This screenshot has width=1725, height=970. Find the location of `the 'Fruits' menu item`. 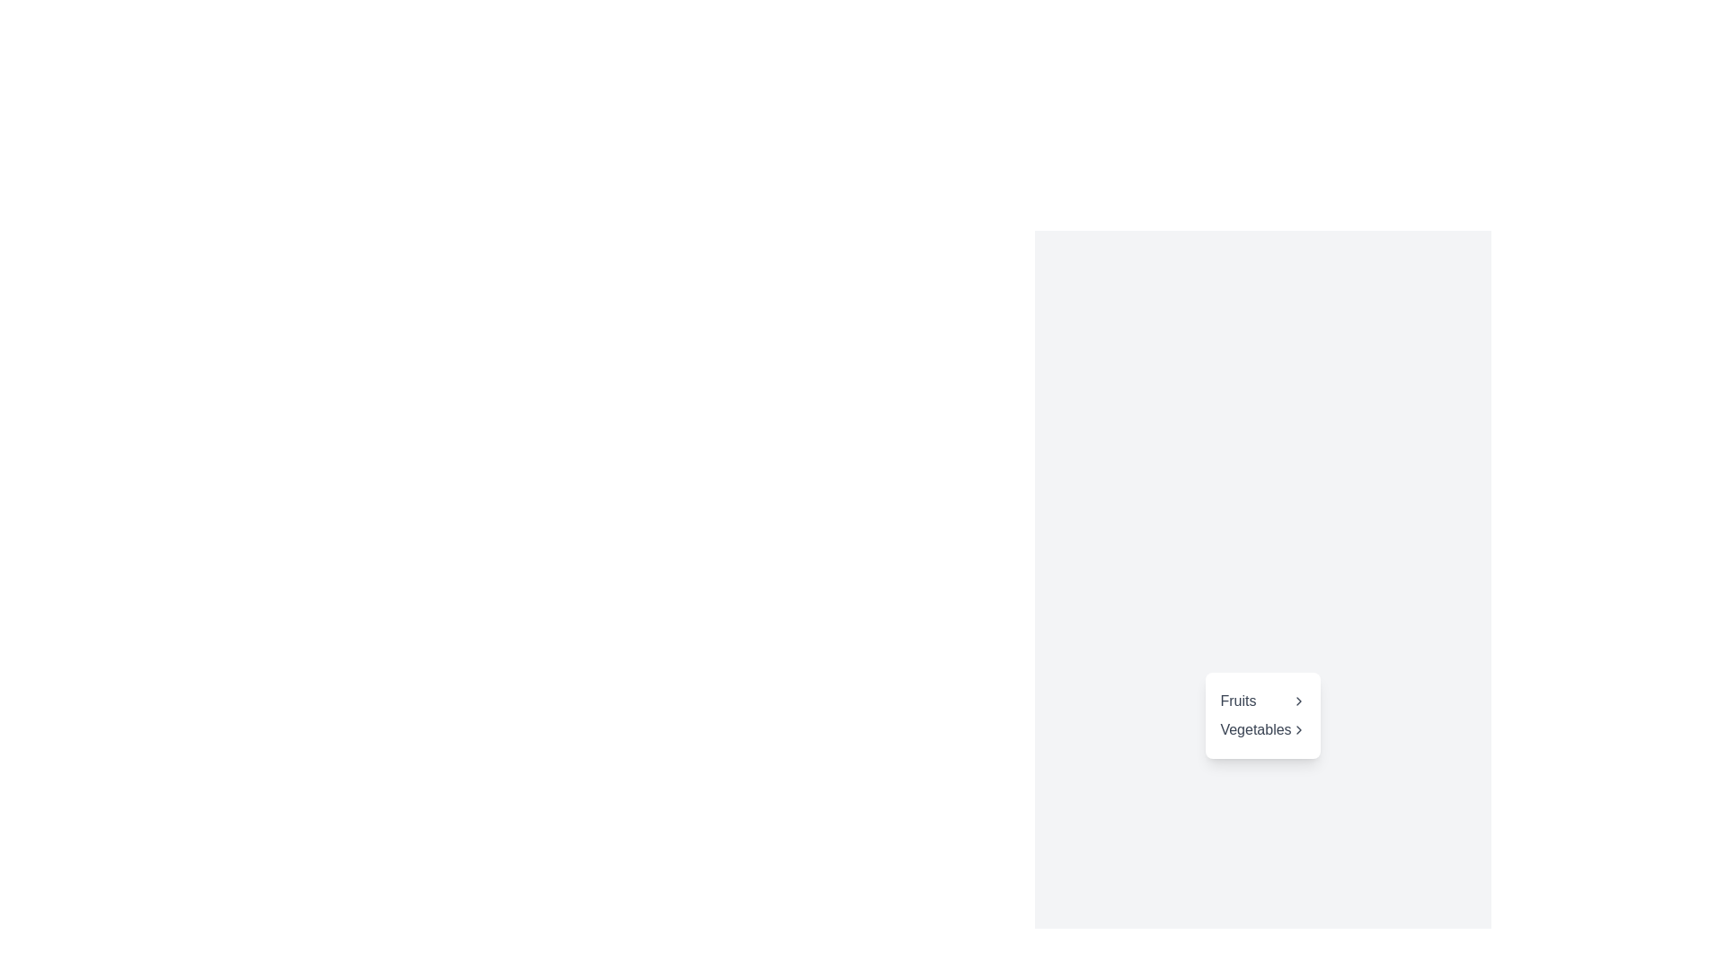

the 'Fruits' menu item is located at coordinates (1262, 700).